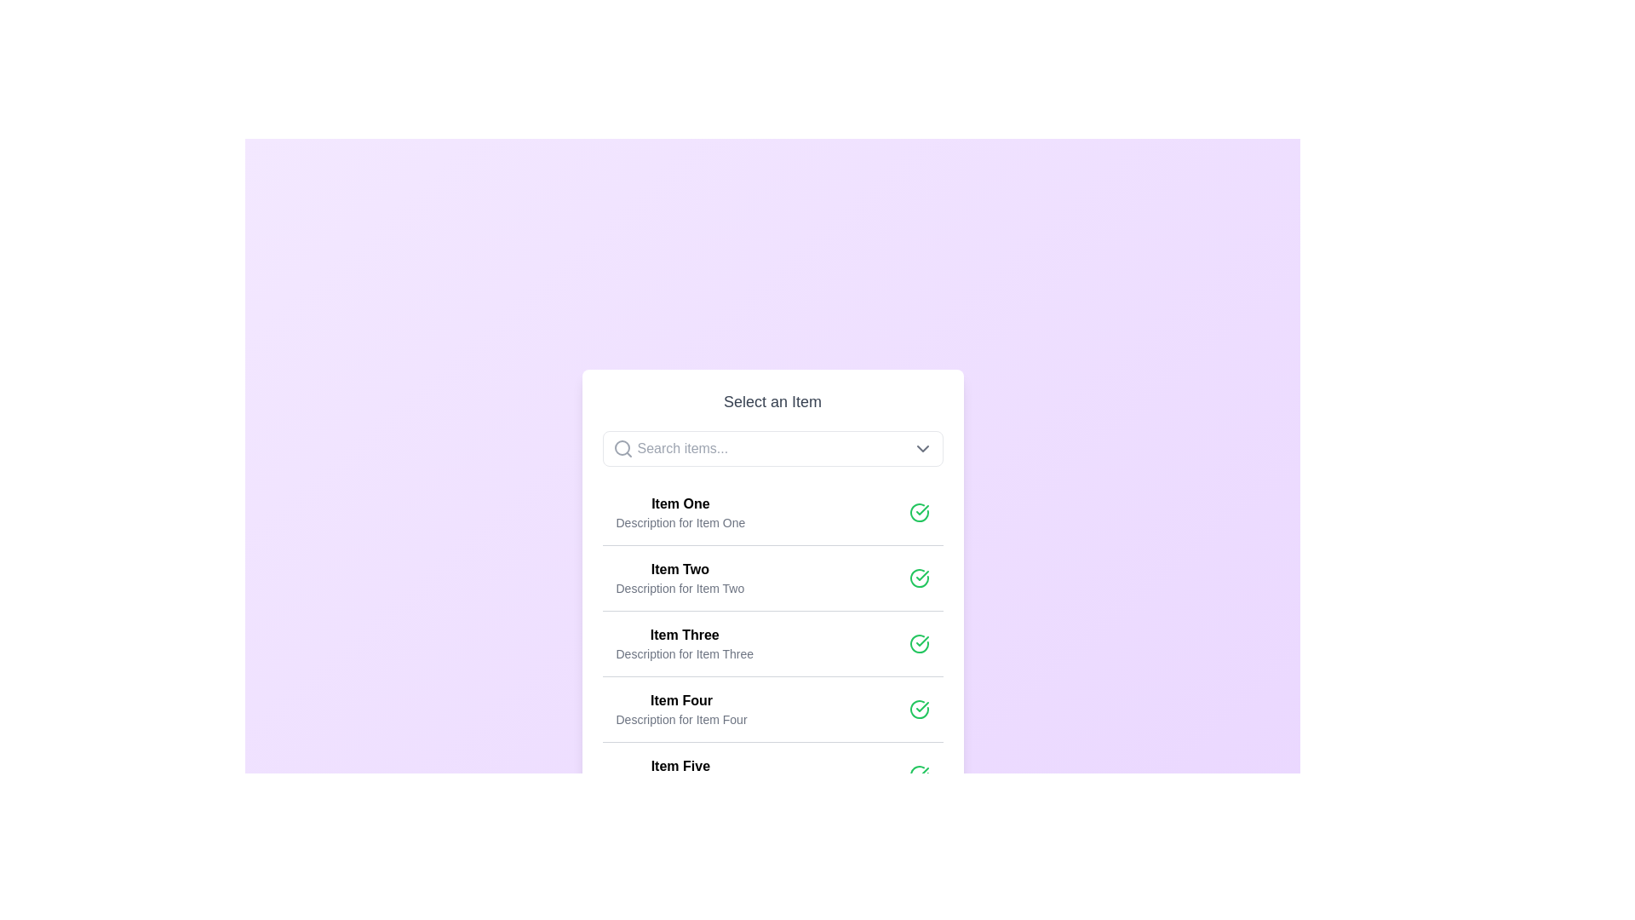  What do you see at coordinates (680, 765) in the screenshot?
I see `the text label that serves as the header for the fifth item in the list, located in the modal titled 'Select an Item.'` at bounding box center [680, 765].